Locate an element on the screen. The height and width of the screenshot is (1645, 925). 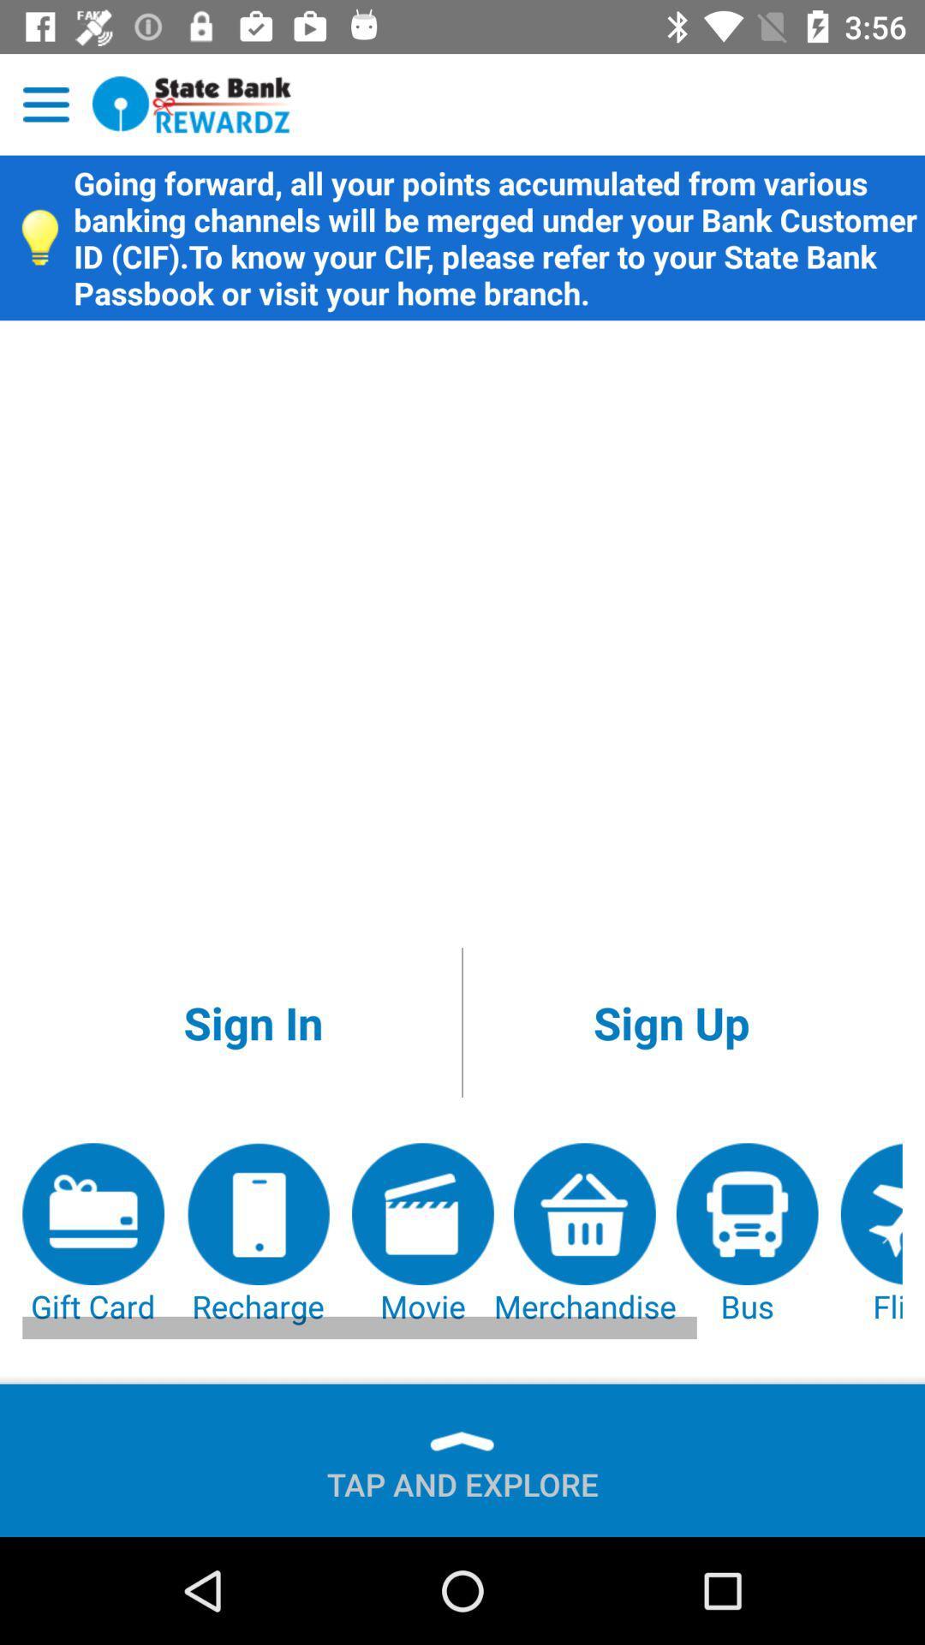
item below the gift card icon is located at coordinates (462, 1476).